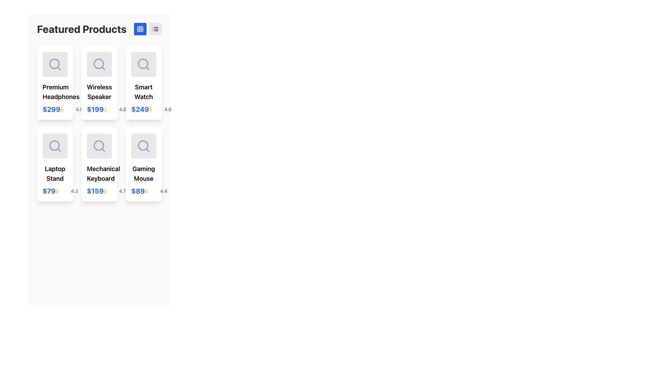  I want to click on the 'Laptop Stand' product card, so click(54, 164).